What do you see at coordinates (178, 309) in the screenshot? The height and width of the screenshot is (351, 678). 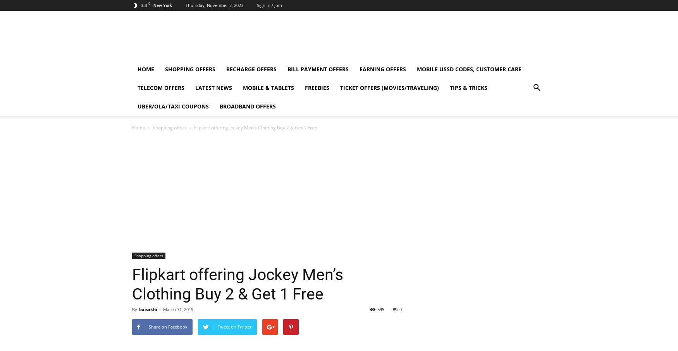 I see `'March 31, 2019'` at bounding box center [178, 309].